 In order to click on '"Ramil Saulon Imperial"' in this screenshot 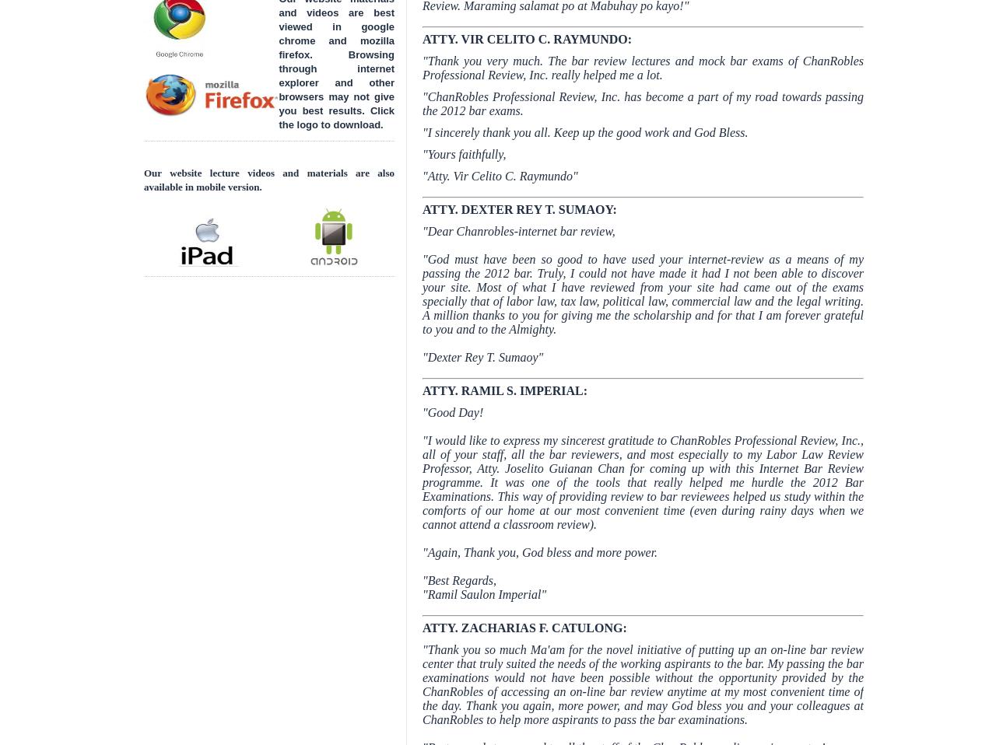, I will do `click(483, 594)`.